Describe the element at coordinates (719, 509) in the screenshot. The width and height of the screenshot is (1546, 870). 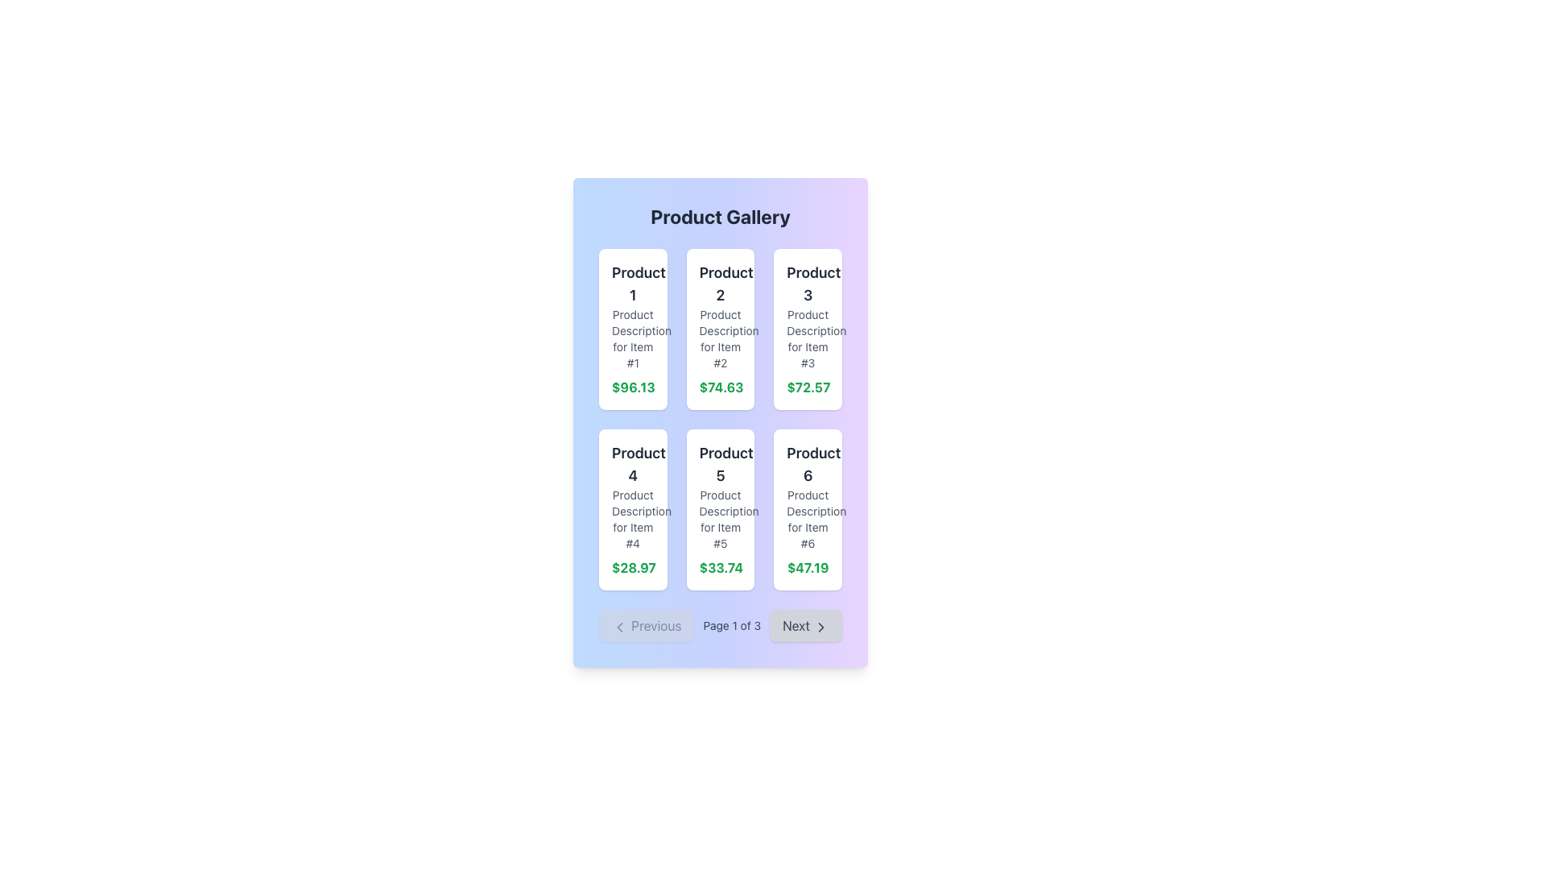
I see `the product display card located in the second row, second column of the 'Product Gallery', which showcases an individual product's name, description, and price` at that location.